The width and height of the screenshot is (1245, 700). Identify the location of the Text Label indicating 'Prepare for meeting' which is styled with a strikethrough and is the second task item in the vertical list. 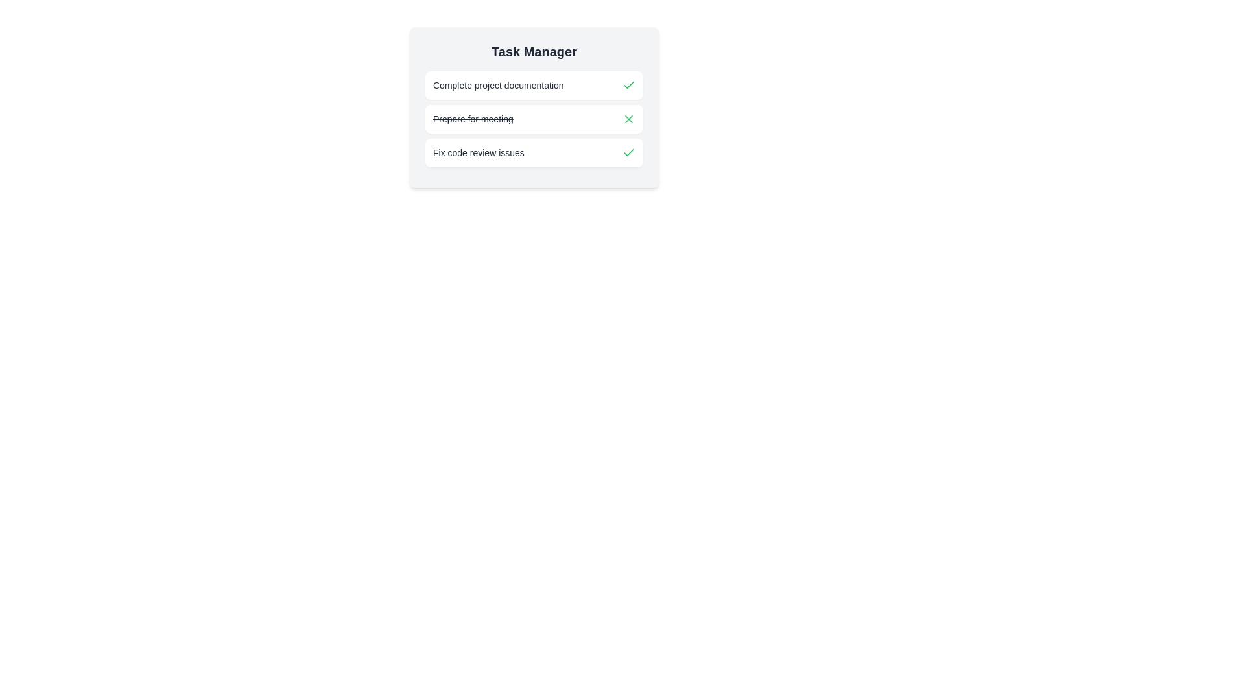
(472, 119).